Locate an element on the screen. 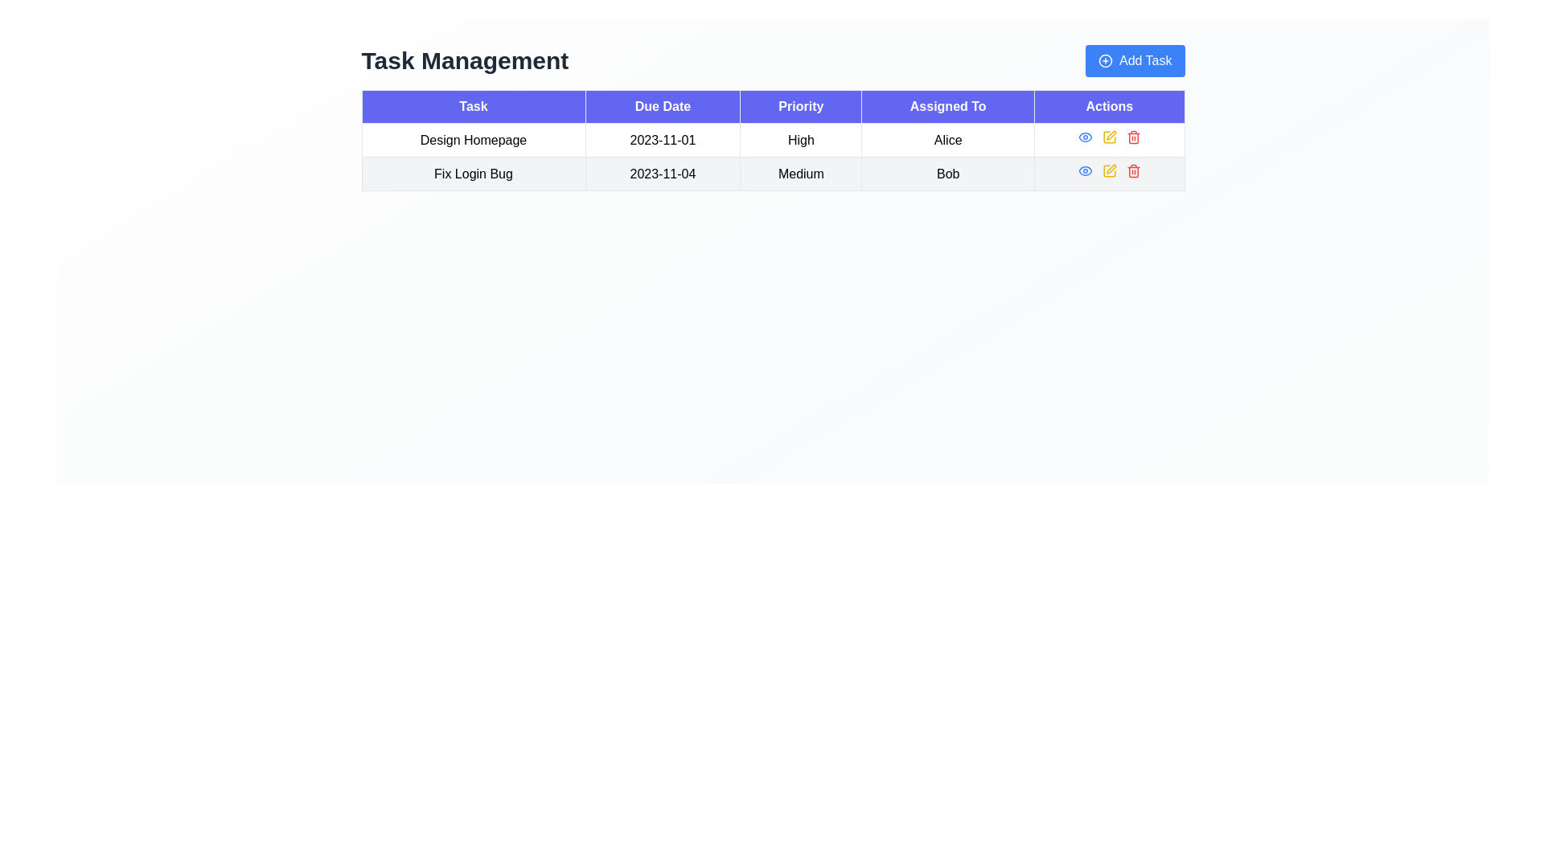  the text label within the first cell of the first row under the 'Task' header in the table is located at coordinates (473, 139).